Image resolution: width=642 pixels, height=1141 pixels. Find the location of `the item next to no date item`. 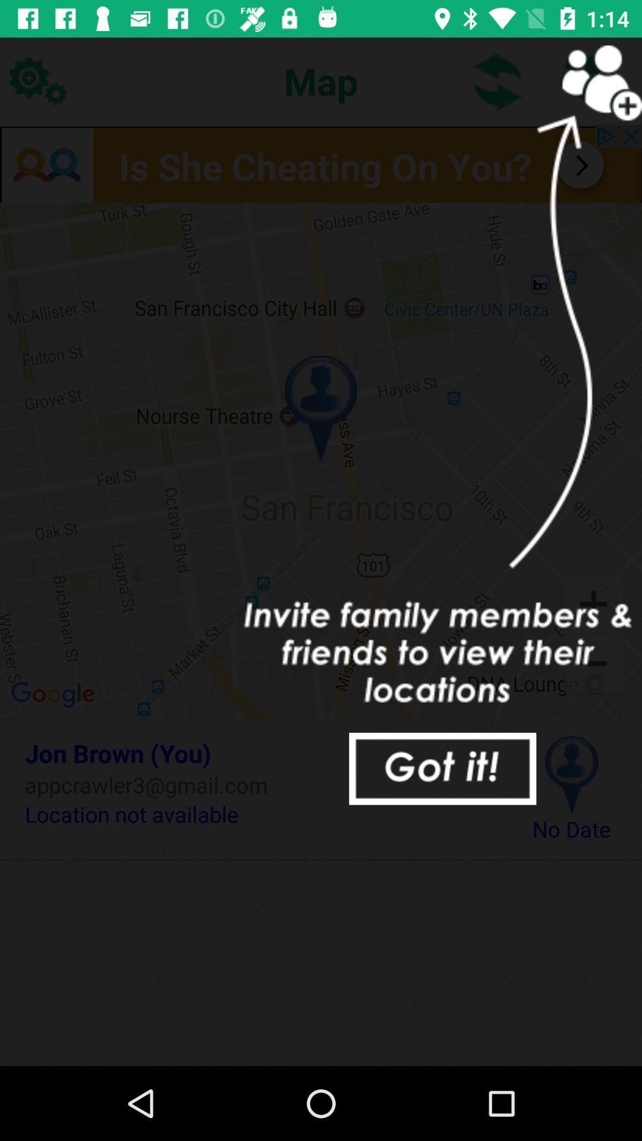

the item next to no date item is located at coordinates (260, 814).